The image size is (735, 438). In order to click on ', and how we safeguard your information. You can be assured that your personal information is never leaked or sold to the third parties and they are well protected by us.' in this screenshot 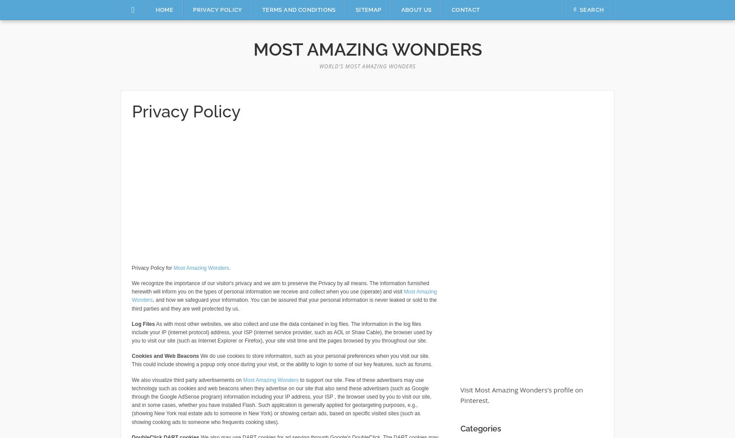, I will do `click(283, 304)`.